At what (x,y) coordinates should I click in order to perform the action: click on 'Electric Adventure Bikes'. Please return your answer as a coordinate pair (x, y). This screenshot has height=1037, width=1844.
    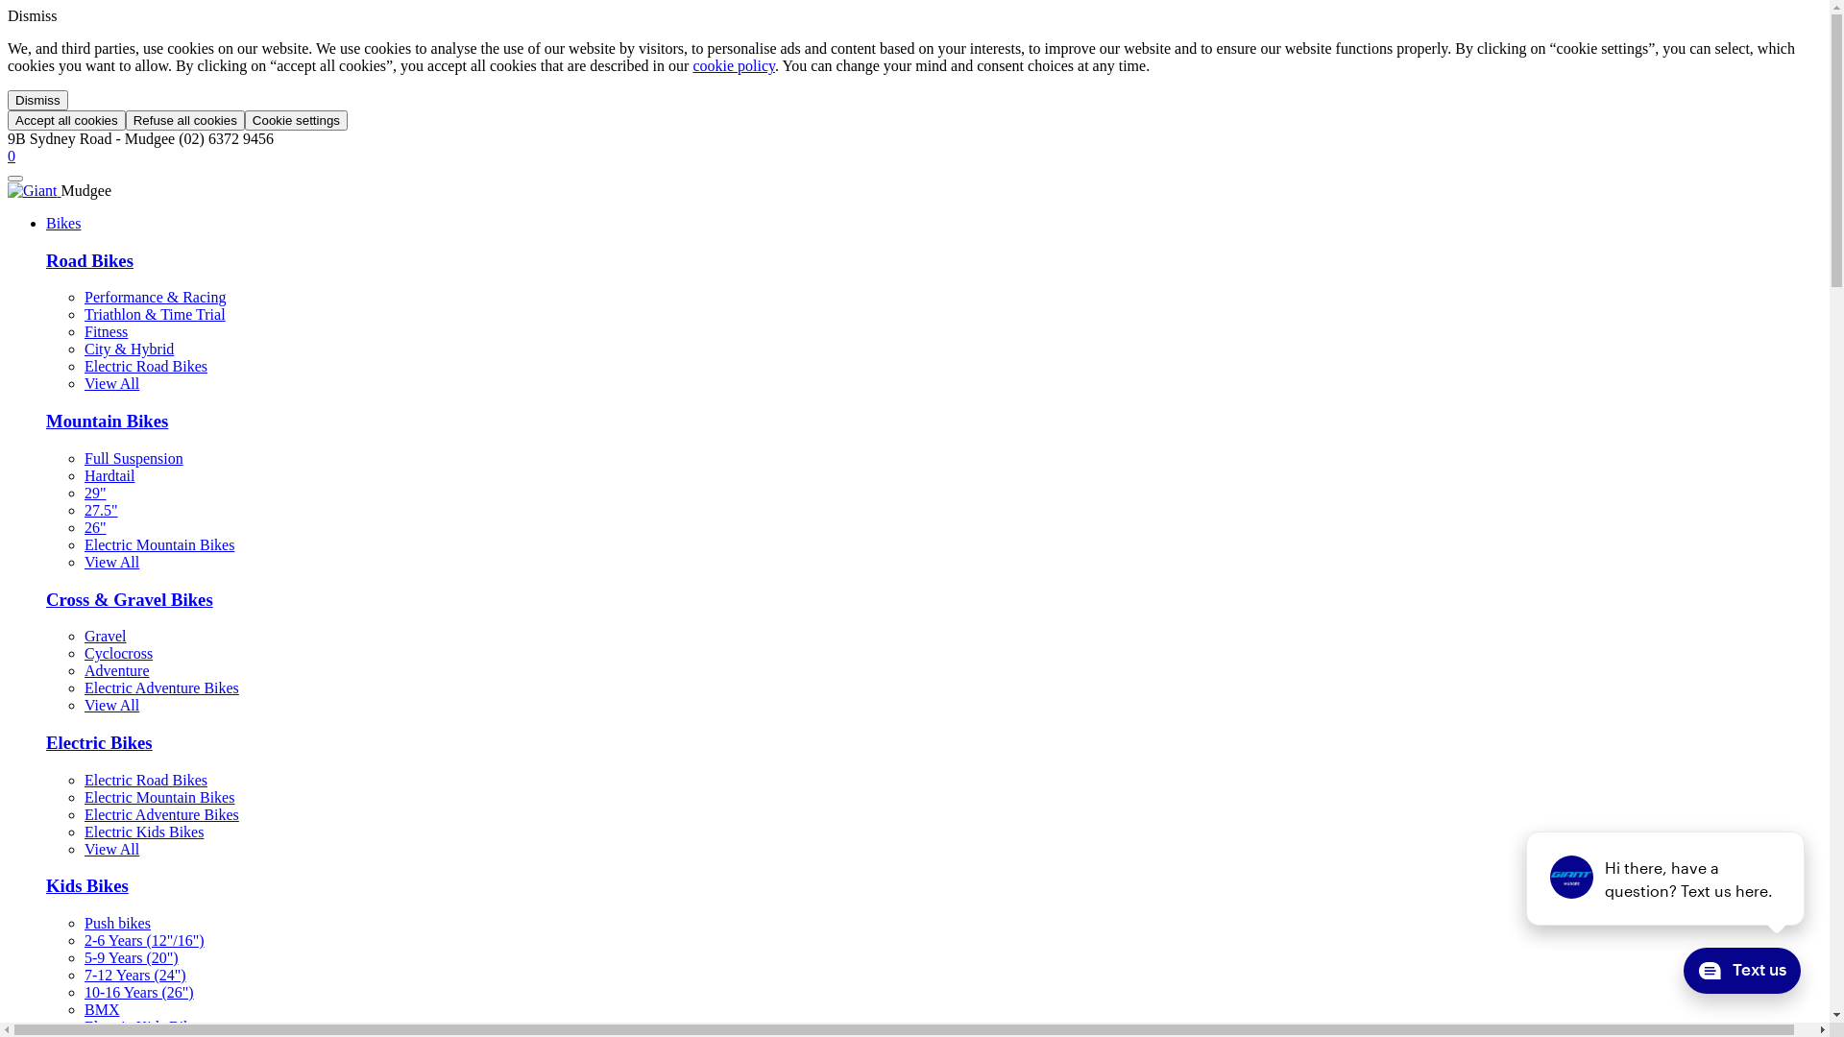
    Looking at the image, I should click on (83, 687).